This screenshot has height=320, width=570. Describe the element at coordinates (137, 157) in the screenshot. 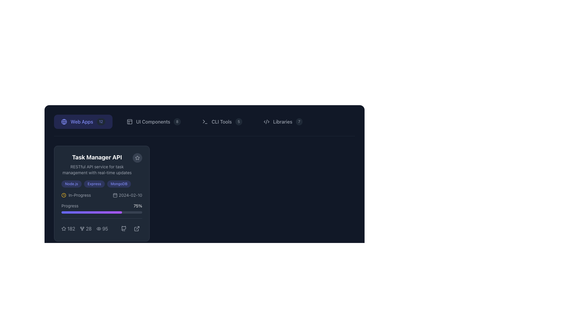

I see `the circular button with a star icon inside, located at the top-right corner of the 'Task Manager API' block` at that location.